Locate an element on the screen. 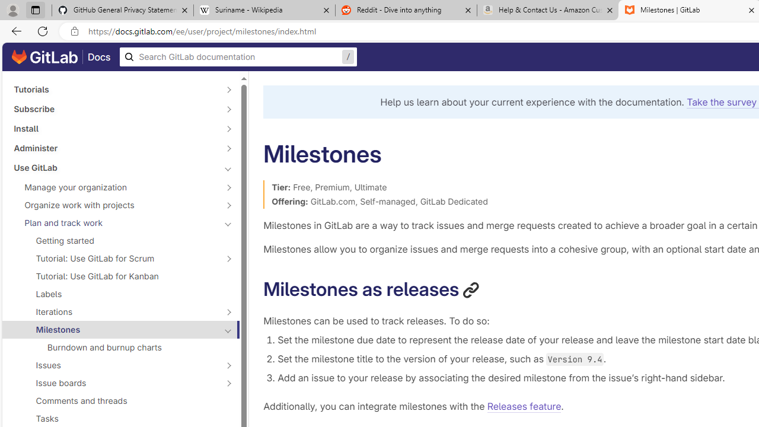 This screenshot has width=759, height=427. 'Organize work with projects' is located at coordinates (114, 204).